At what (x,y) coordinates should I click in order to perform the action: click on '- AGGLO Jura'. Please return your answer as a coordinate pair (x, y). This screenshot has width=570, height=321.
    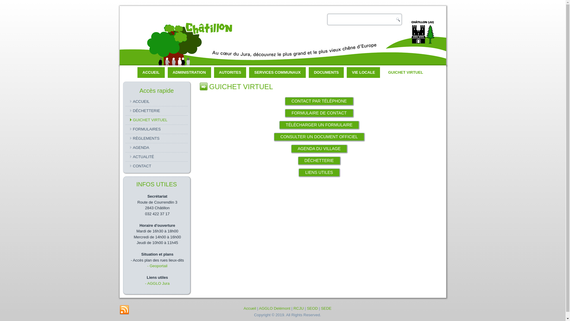
    Looking at the image, I should click on (157, 283).